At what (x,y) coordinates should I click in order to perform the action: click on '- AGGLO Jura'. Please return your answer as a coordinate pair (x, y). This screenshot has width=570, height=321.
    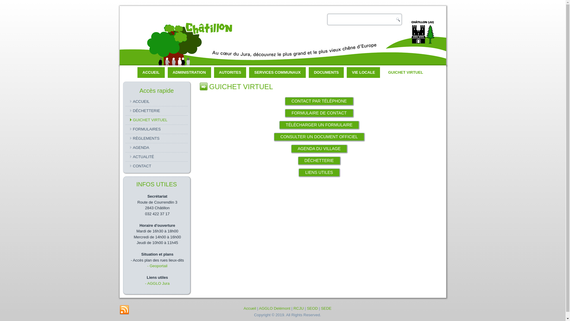
    Looking at the image, I should click on (157, 283).